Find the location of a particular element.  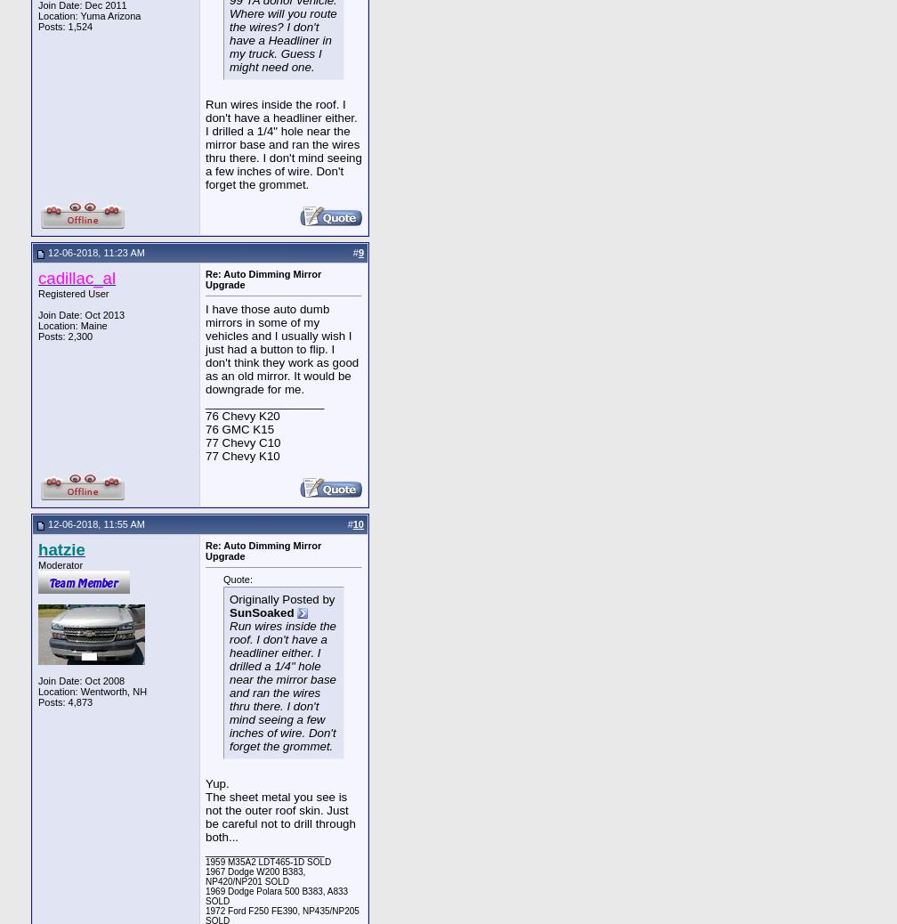

'76 GMC K15' is located at coordinates (206, 429).